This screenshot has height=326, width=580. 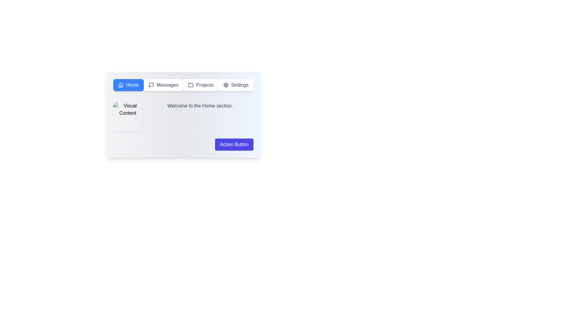 I want to click on the graphical representation of the 'Messages' button icon, which is located to the left of the text 'Messages' within the button section, so click(x=151, y=85).